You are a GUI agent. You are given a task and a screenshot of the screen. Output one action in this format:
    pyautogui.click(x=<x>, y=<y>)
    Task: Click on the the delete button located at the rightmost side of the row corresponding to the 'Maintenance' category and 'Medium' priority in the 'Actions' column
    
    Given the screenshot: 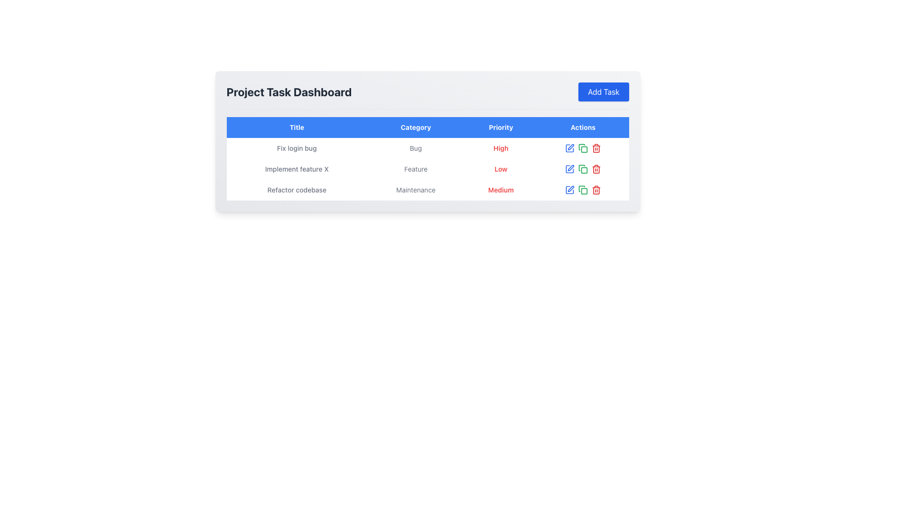 What is the action you would take?
    pyautogui.click(x=596, y=190)
    